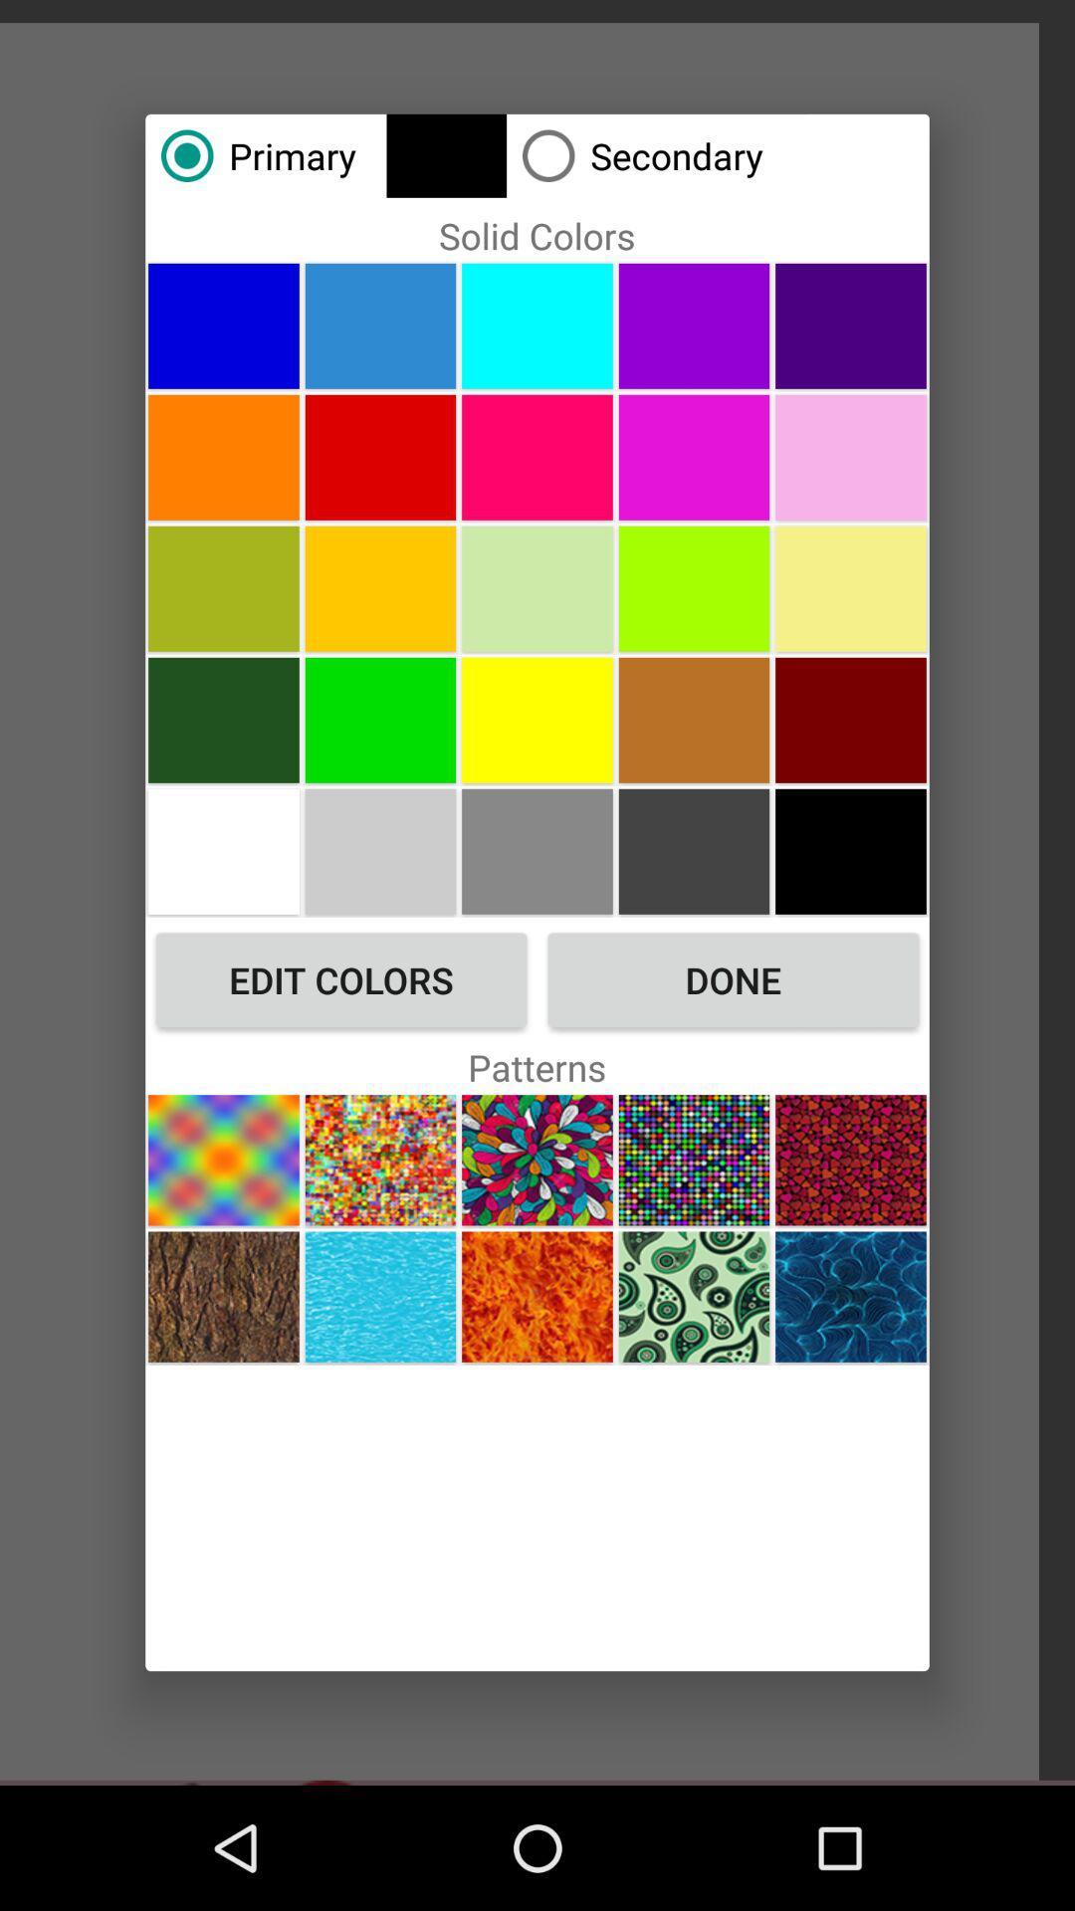 Image resolution: width=1075 pixels, height=1911 pixels. What do you see at coordinates (537, 851) in the screenshot?
I see `gold color` at bounding box center [537, 851].